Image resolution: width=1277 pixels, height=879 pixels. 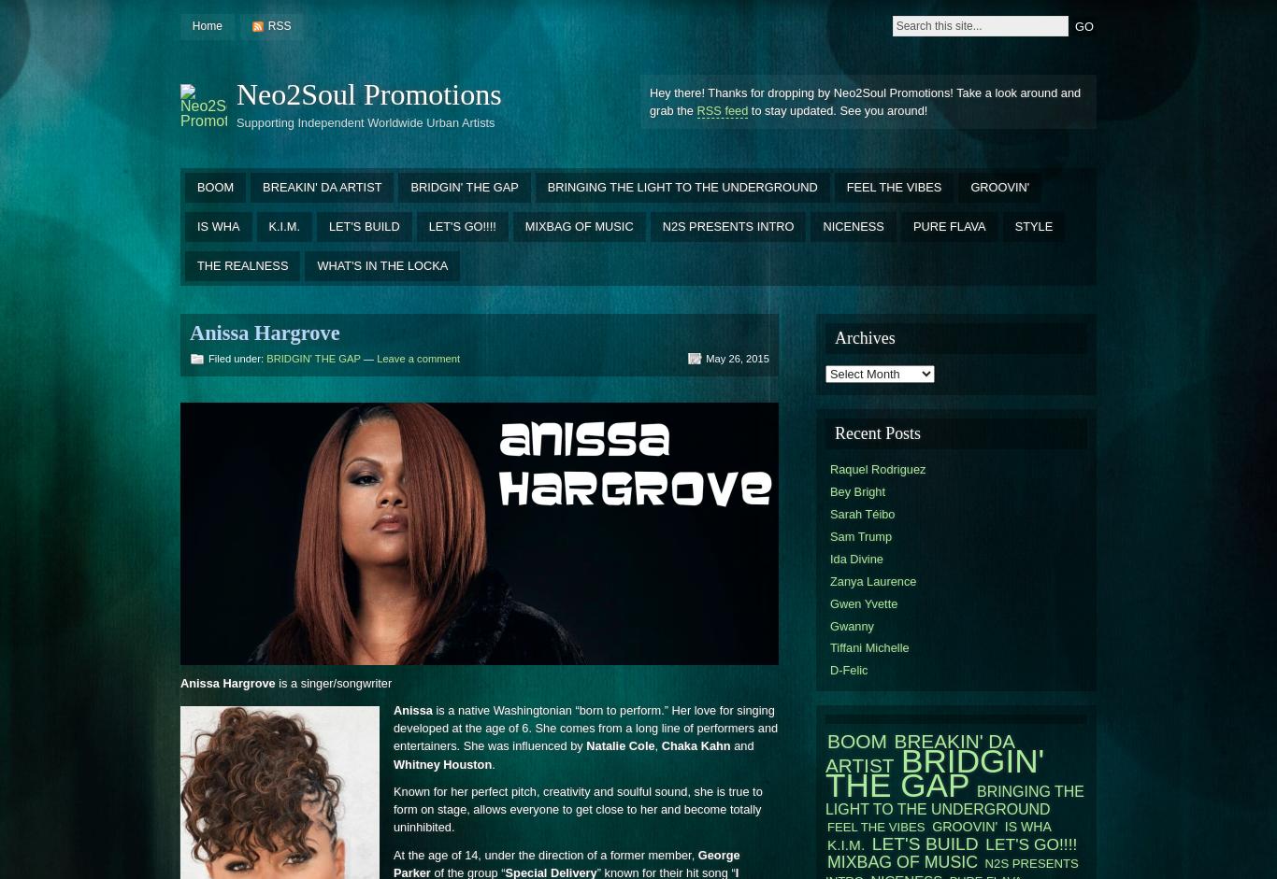 I want to click on 'Anissa', so click(x=411, y=709).